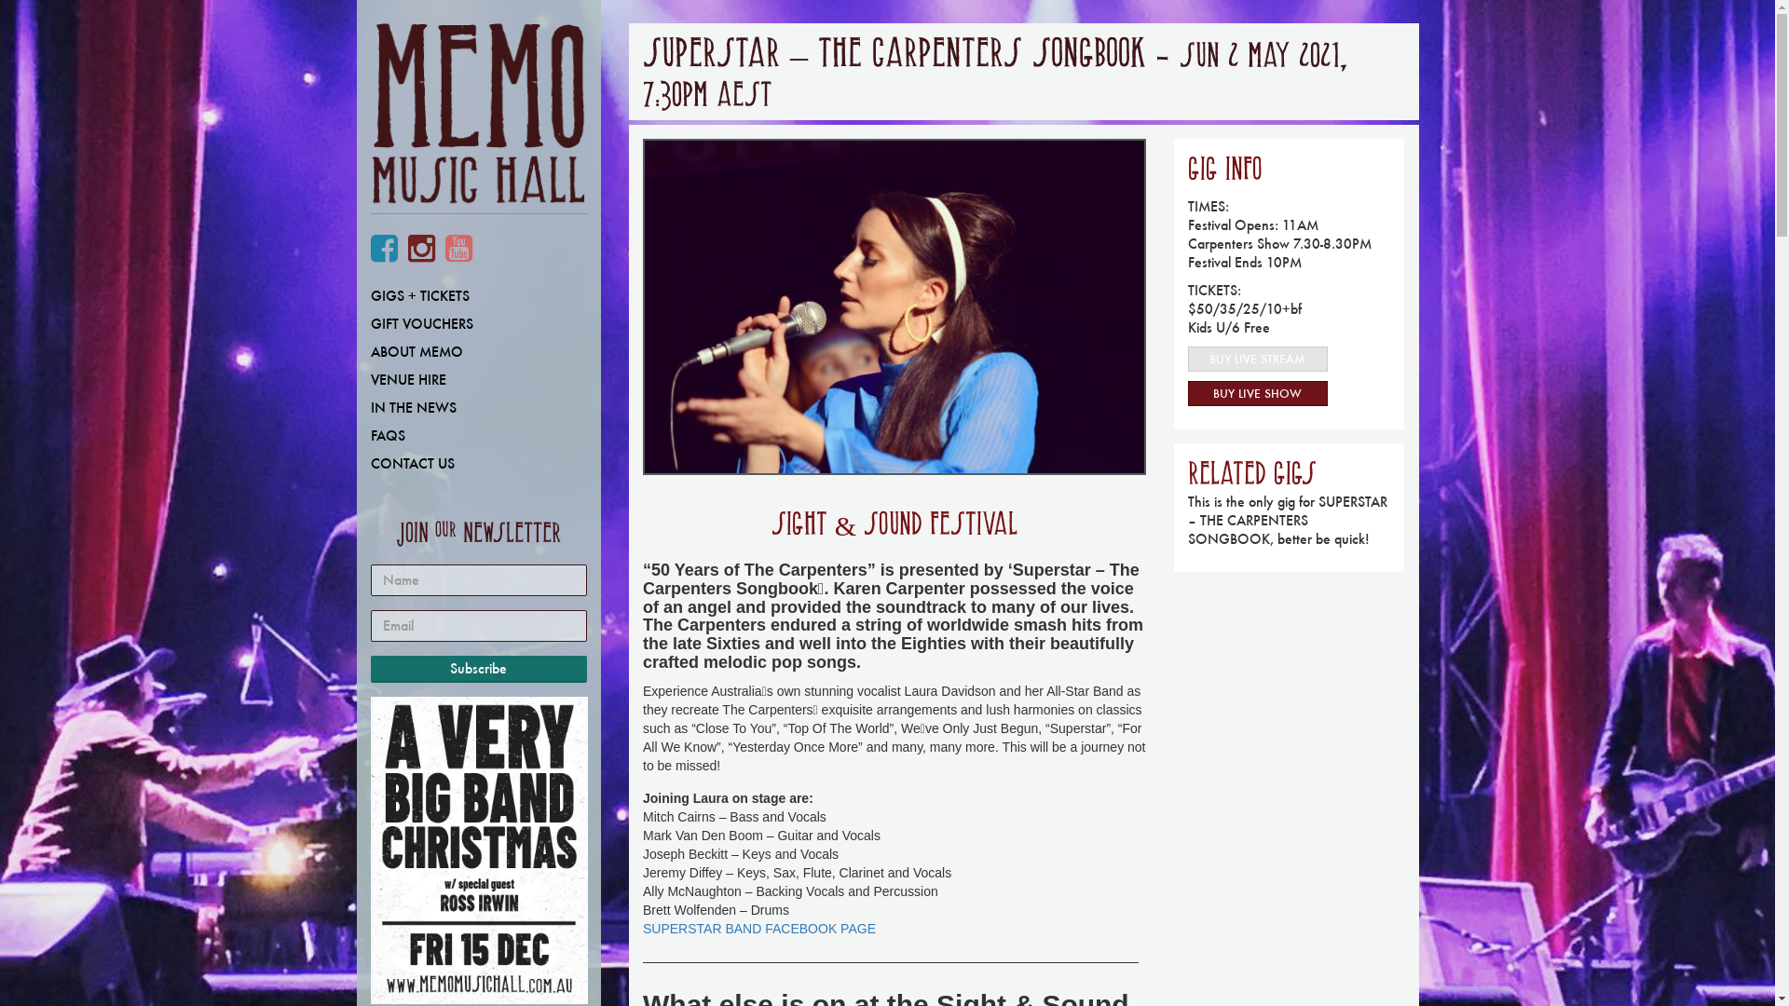  What do you see at coordinates (478, 435) in the screenshot?
I see `'FAQS'` at bounding box center [478, 435].